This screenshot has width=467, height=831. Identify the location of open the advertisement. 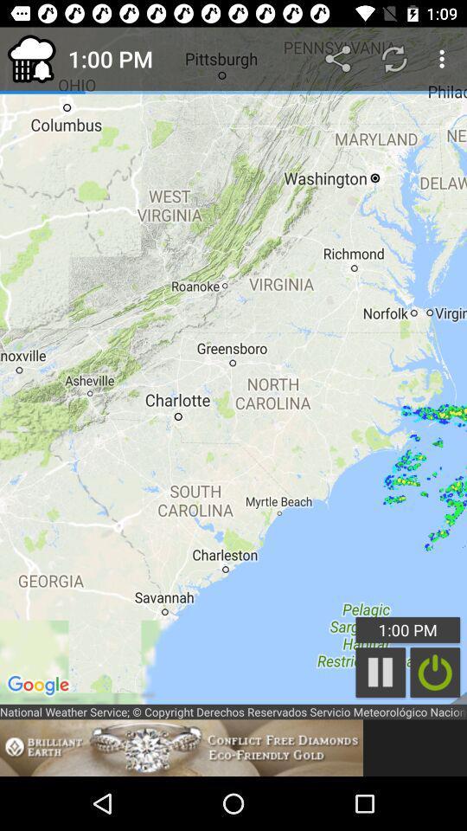
(181, 747).